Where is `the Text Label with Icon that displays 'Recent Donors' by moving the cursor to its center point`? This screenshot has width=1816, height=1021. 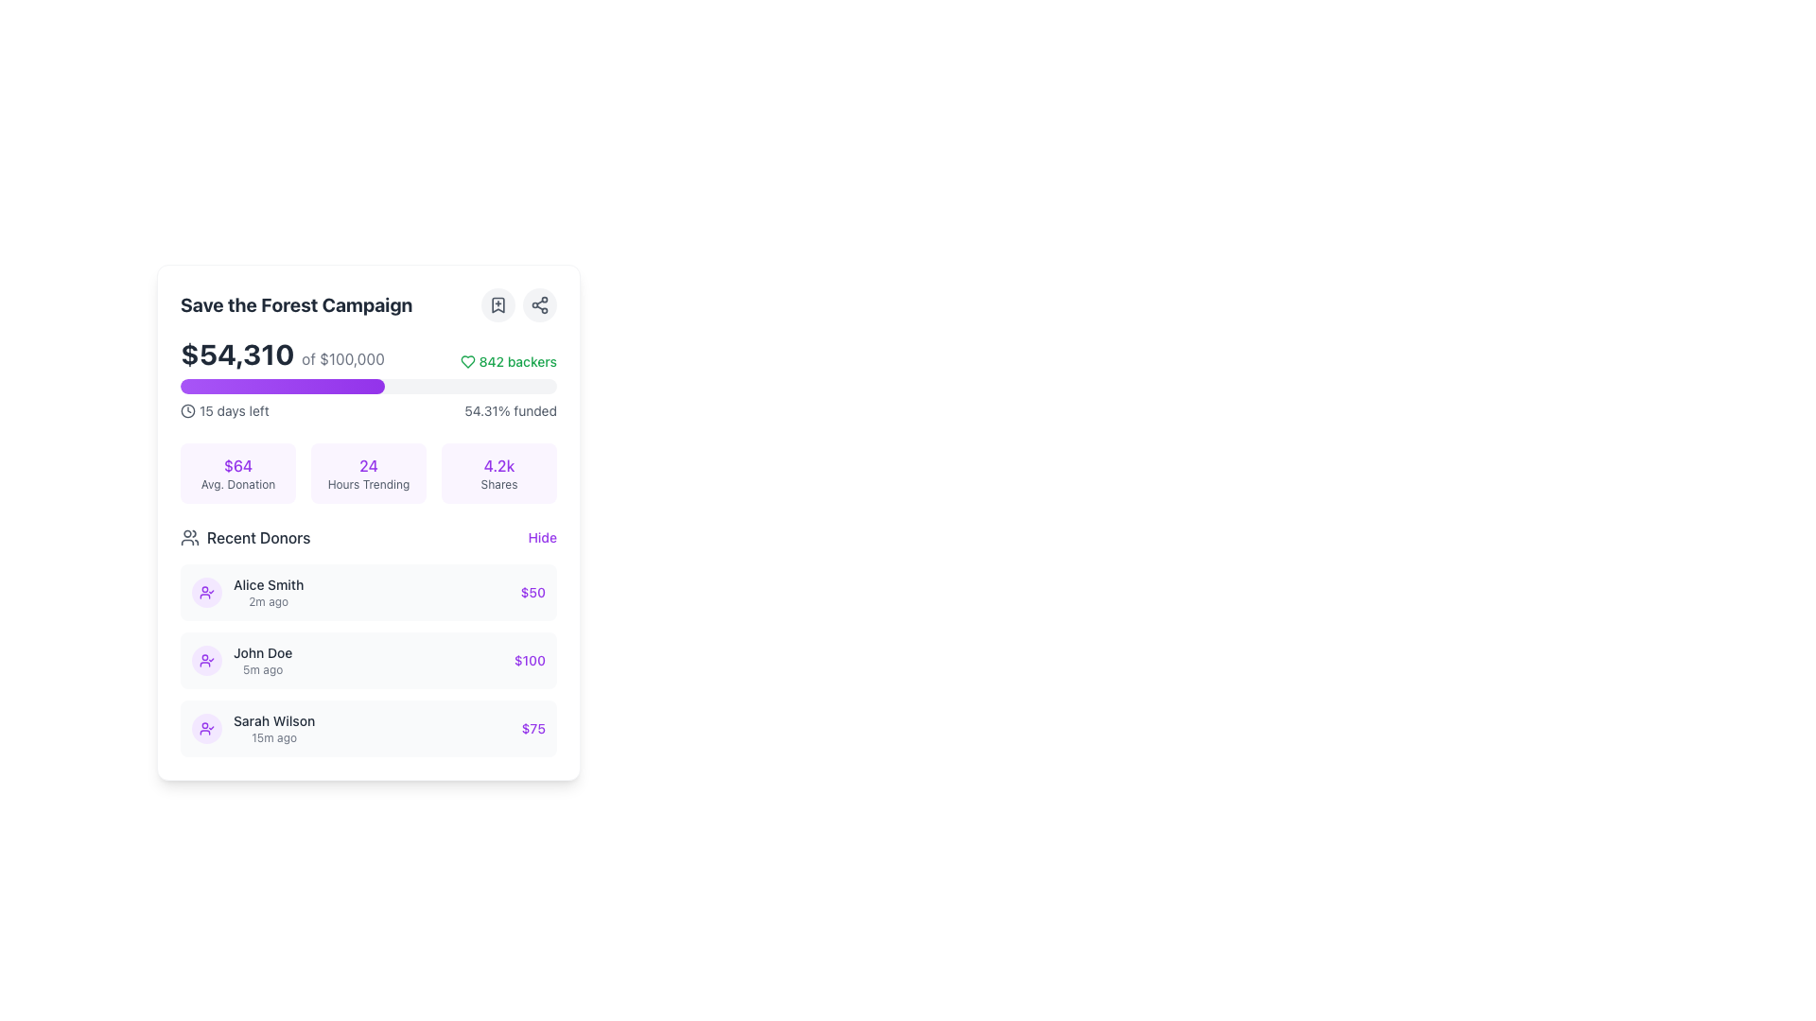
the Text Label with Icon that displays 'Recent Donors' by moving the cursor to its center point is located at coordinates (244, 538).